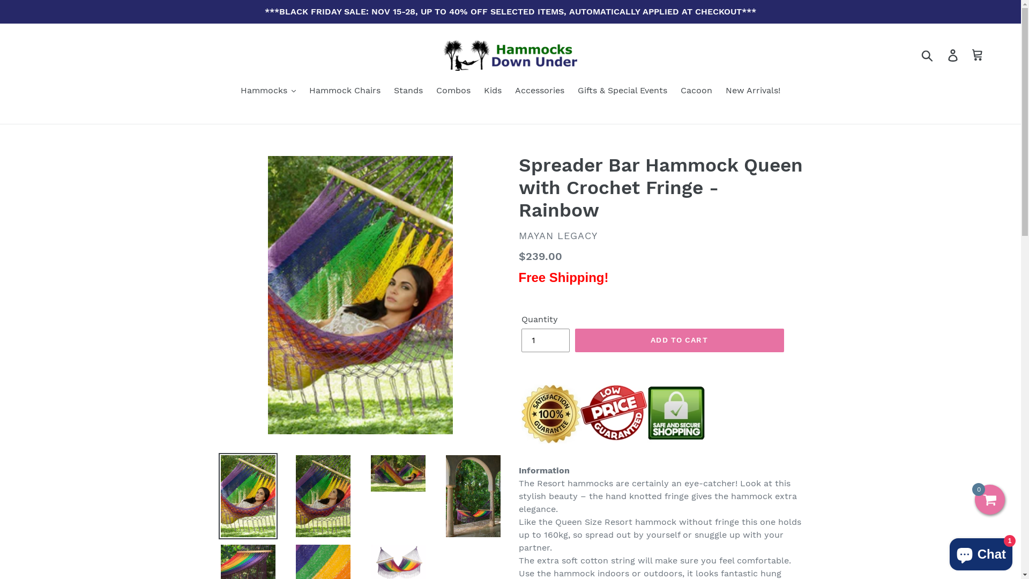  What do you see at coordinates (927, 55) in the screenshot?
I see `'Submit'` at bounding box center [927, 55].